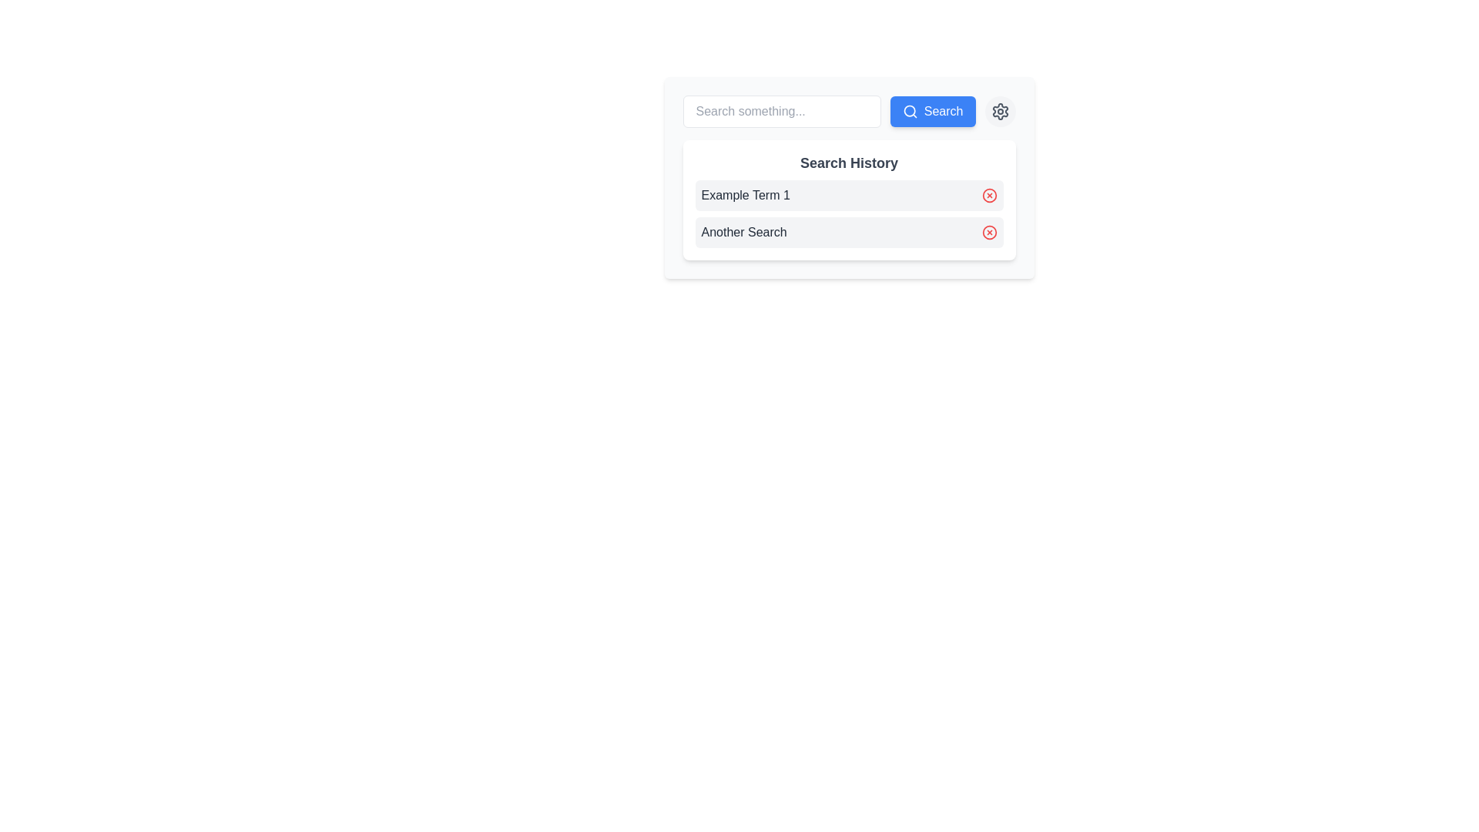 The image size is (1479, 832). What do you see at coordinates (989, 232) in the screenshot?
I see `the SVG graphical circle element that represents a cancel or close icon, which is aligned with the second search history item` at bounding box center [989, 232].